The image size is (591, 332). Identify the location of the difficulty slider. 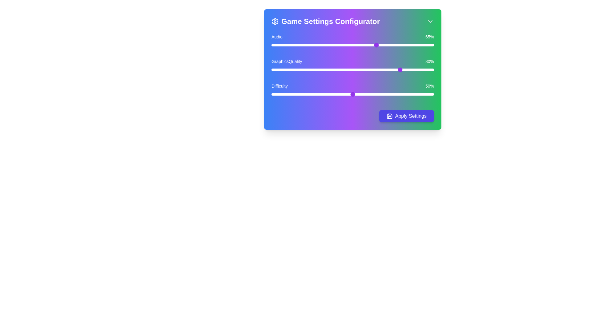
(353, 94).